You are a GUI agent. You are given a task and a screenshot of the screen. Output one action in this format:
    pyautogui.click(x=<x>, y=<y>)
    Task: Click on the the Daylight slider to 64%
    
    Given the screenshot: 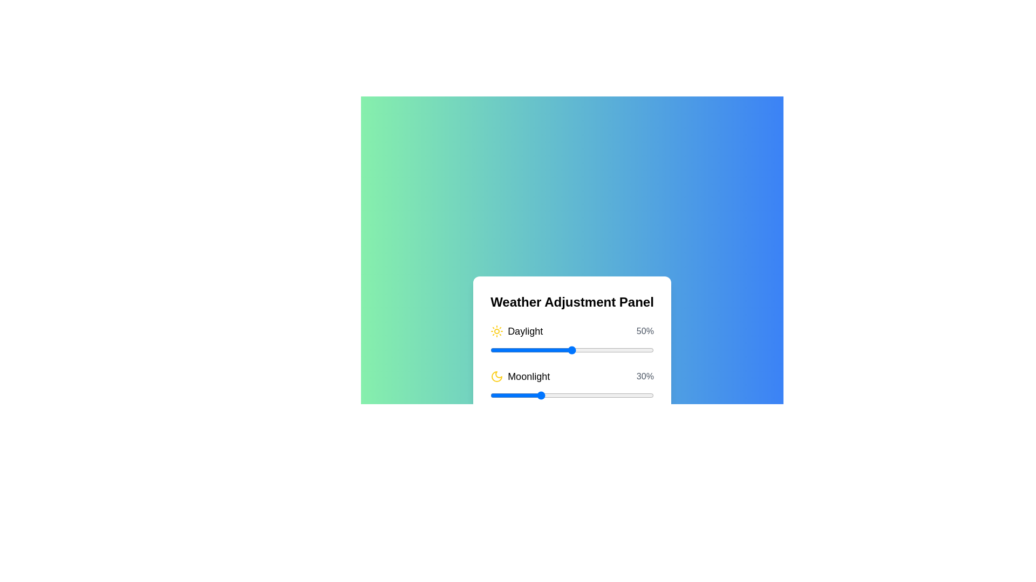 What is the action you would take?
    pyautogui.click(x=594, y=350)
    